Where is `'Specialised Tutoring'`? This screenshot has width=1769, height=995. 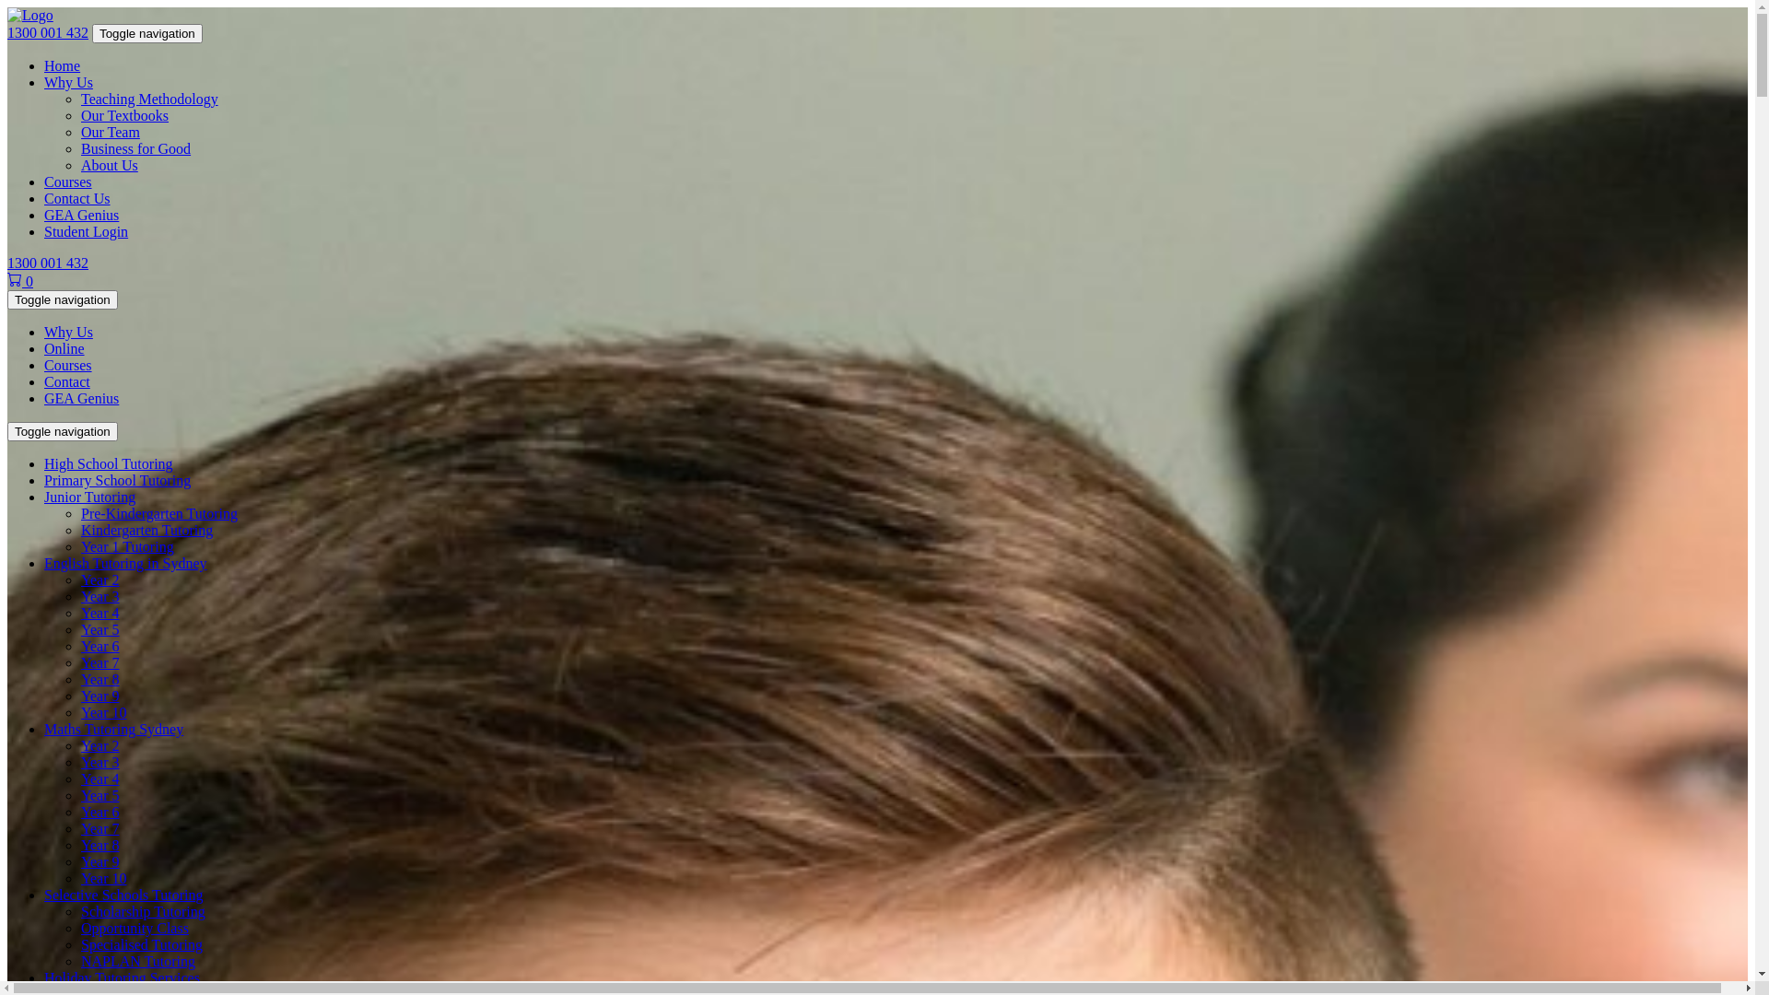
'Specialised Tutoring' is located at coordinates (140, 944).